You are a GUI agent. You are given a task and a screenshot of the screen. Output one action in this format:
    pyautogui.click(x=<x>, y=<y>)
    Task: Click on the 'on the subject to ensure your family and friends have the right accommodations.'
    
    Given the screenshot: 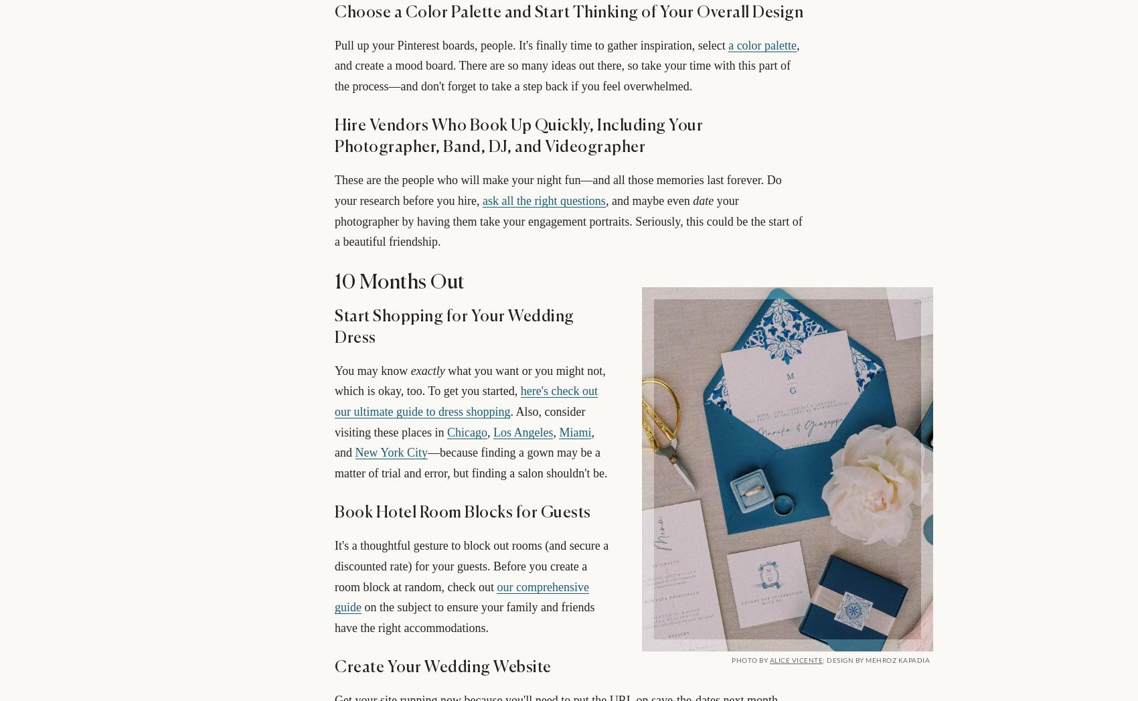 What is the action you would take?
    pyautogui.click(x=464, y=617)
    